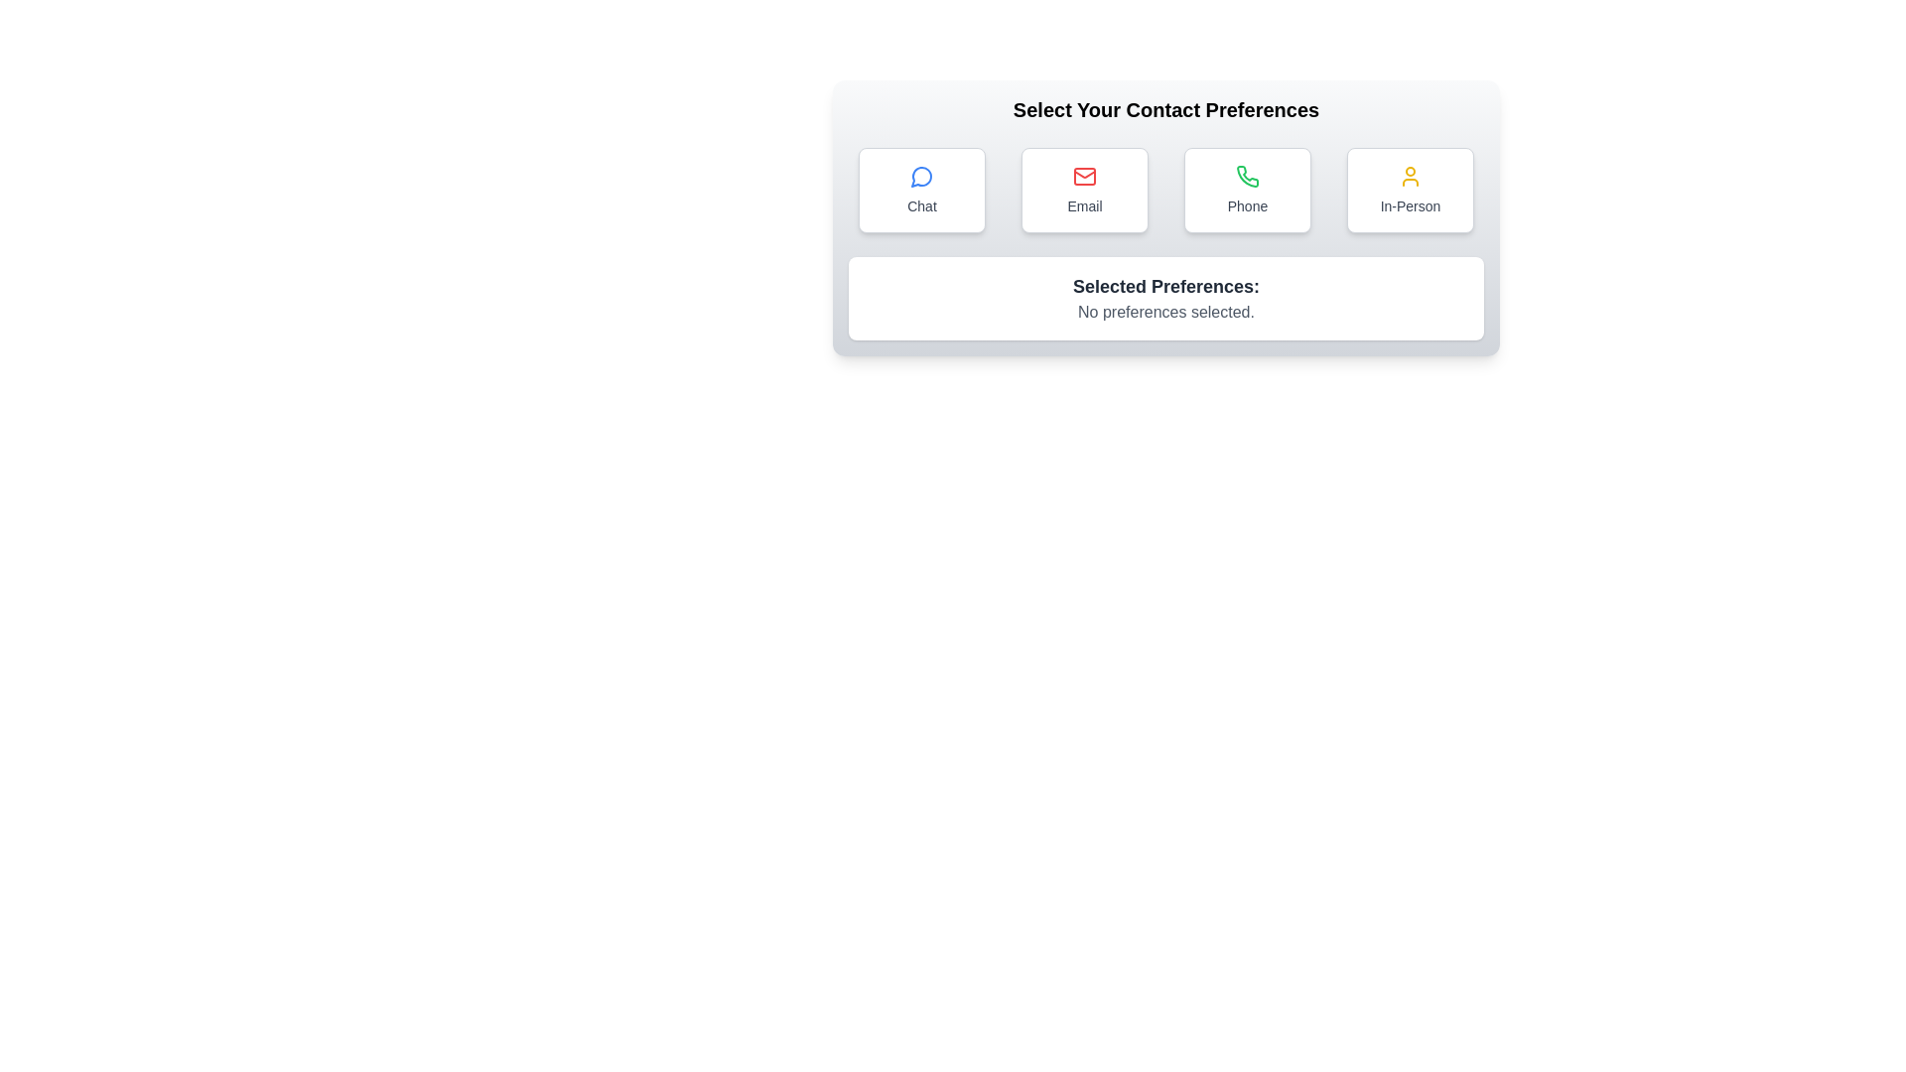 The height and width of the screenshot is (1072, 1906). What do you see at coordinates (1409, 191) in the screenshot?
I see `the In-Person button to select the corresponding contact preference` at bounding box center [1409, 191].